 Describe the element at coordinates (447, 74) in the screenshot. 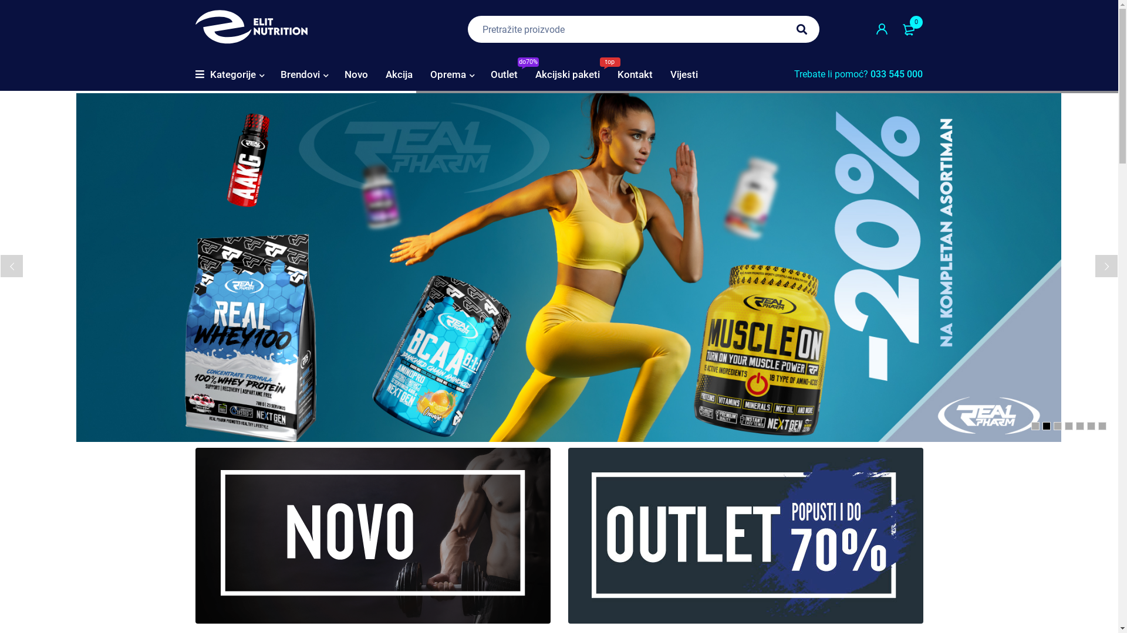

I see `'Oprema'` at that location.